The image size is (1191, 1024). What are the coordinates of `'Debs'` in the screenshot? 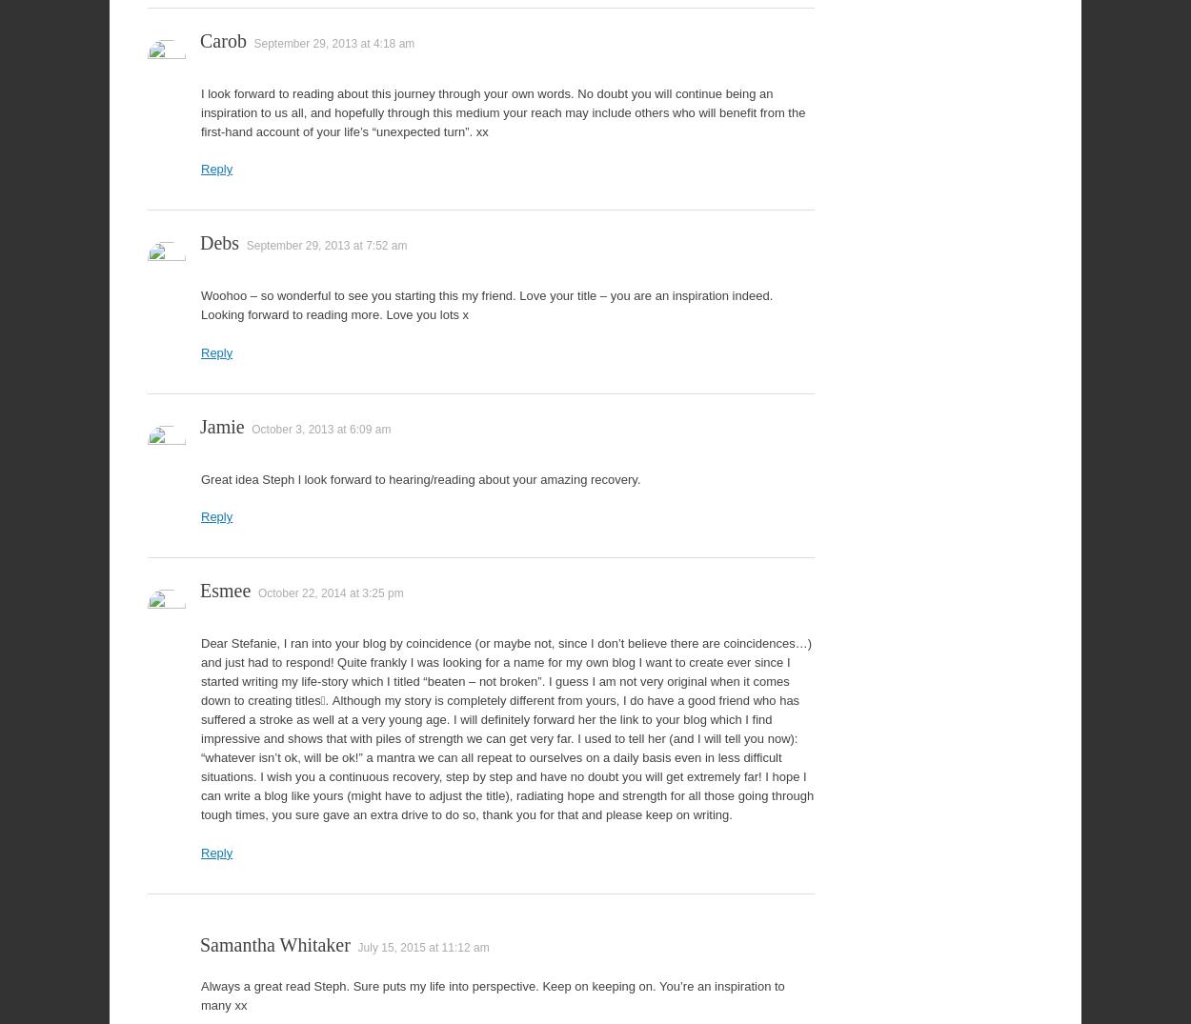 It's located at (218, 242).